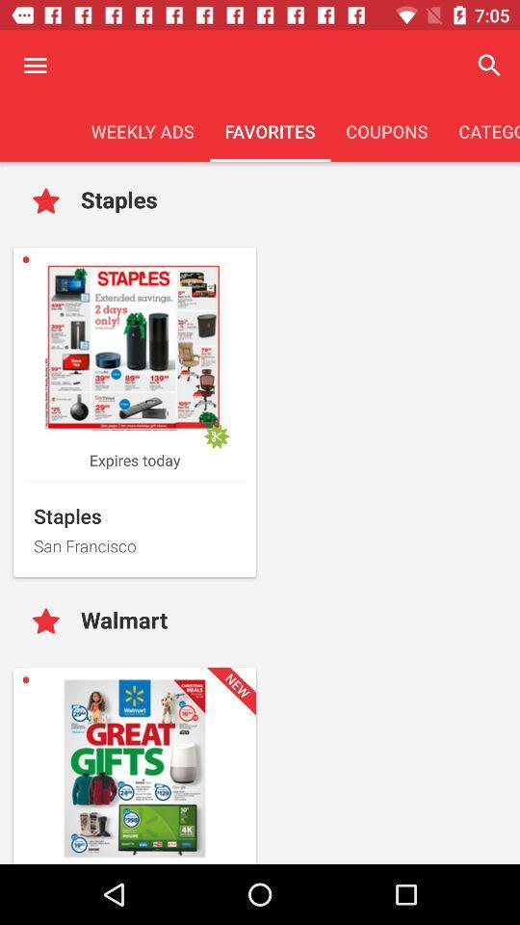 This screenshot has width=520, height=925. What do you see at coordinates (50, 621) in the screenshot?
I see `on save` at bounding box center [50, 621].